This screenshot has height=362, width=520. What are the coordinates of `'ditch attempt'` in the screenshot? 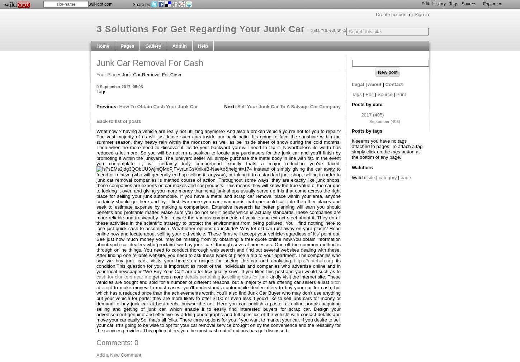 It's located at (218, 285).